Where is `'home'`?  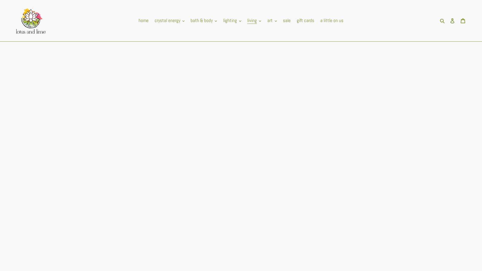 'home' is located at coordinates (143, 20).